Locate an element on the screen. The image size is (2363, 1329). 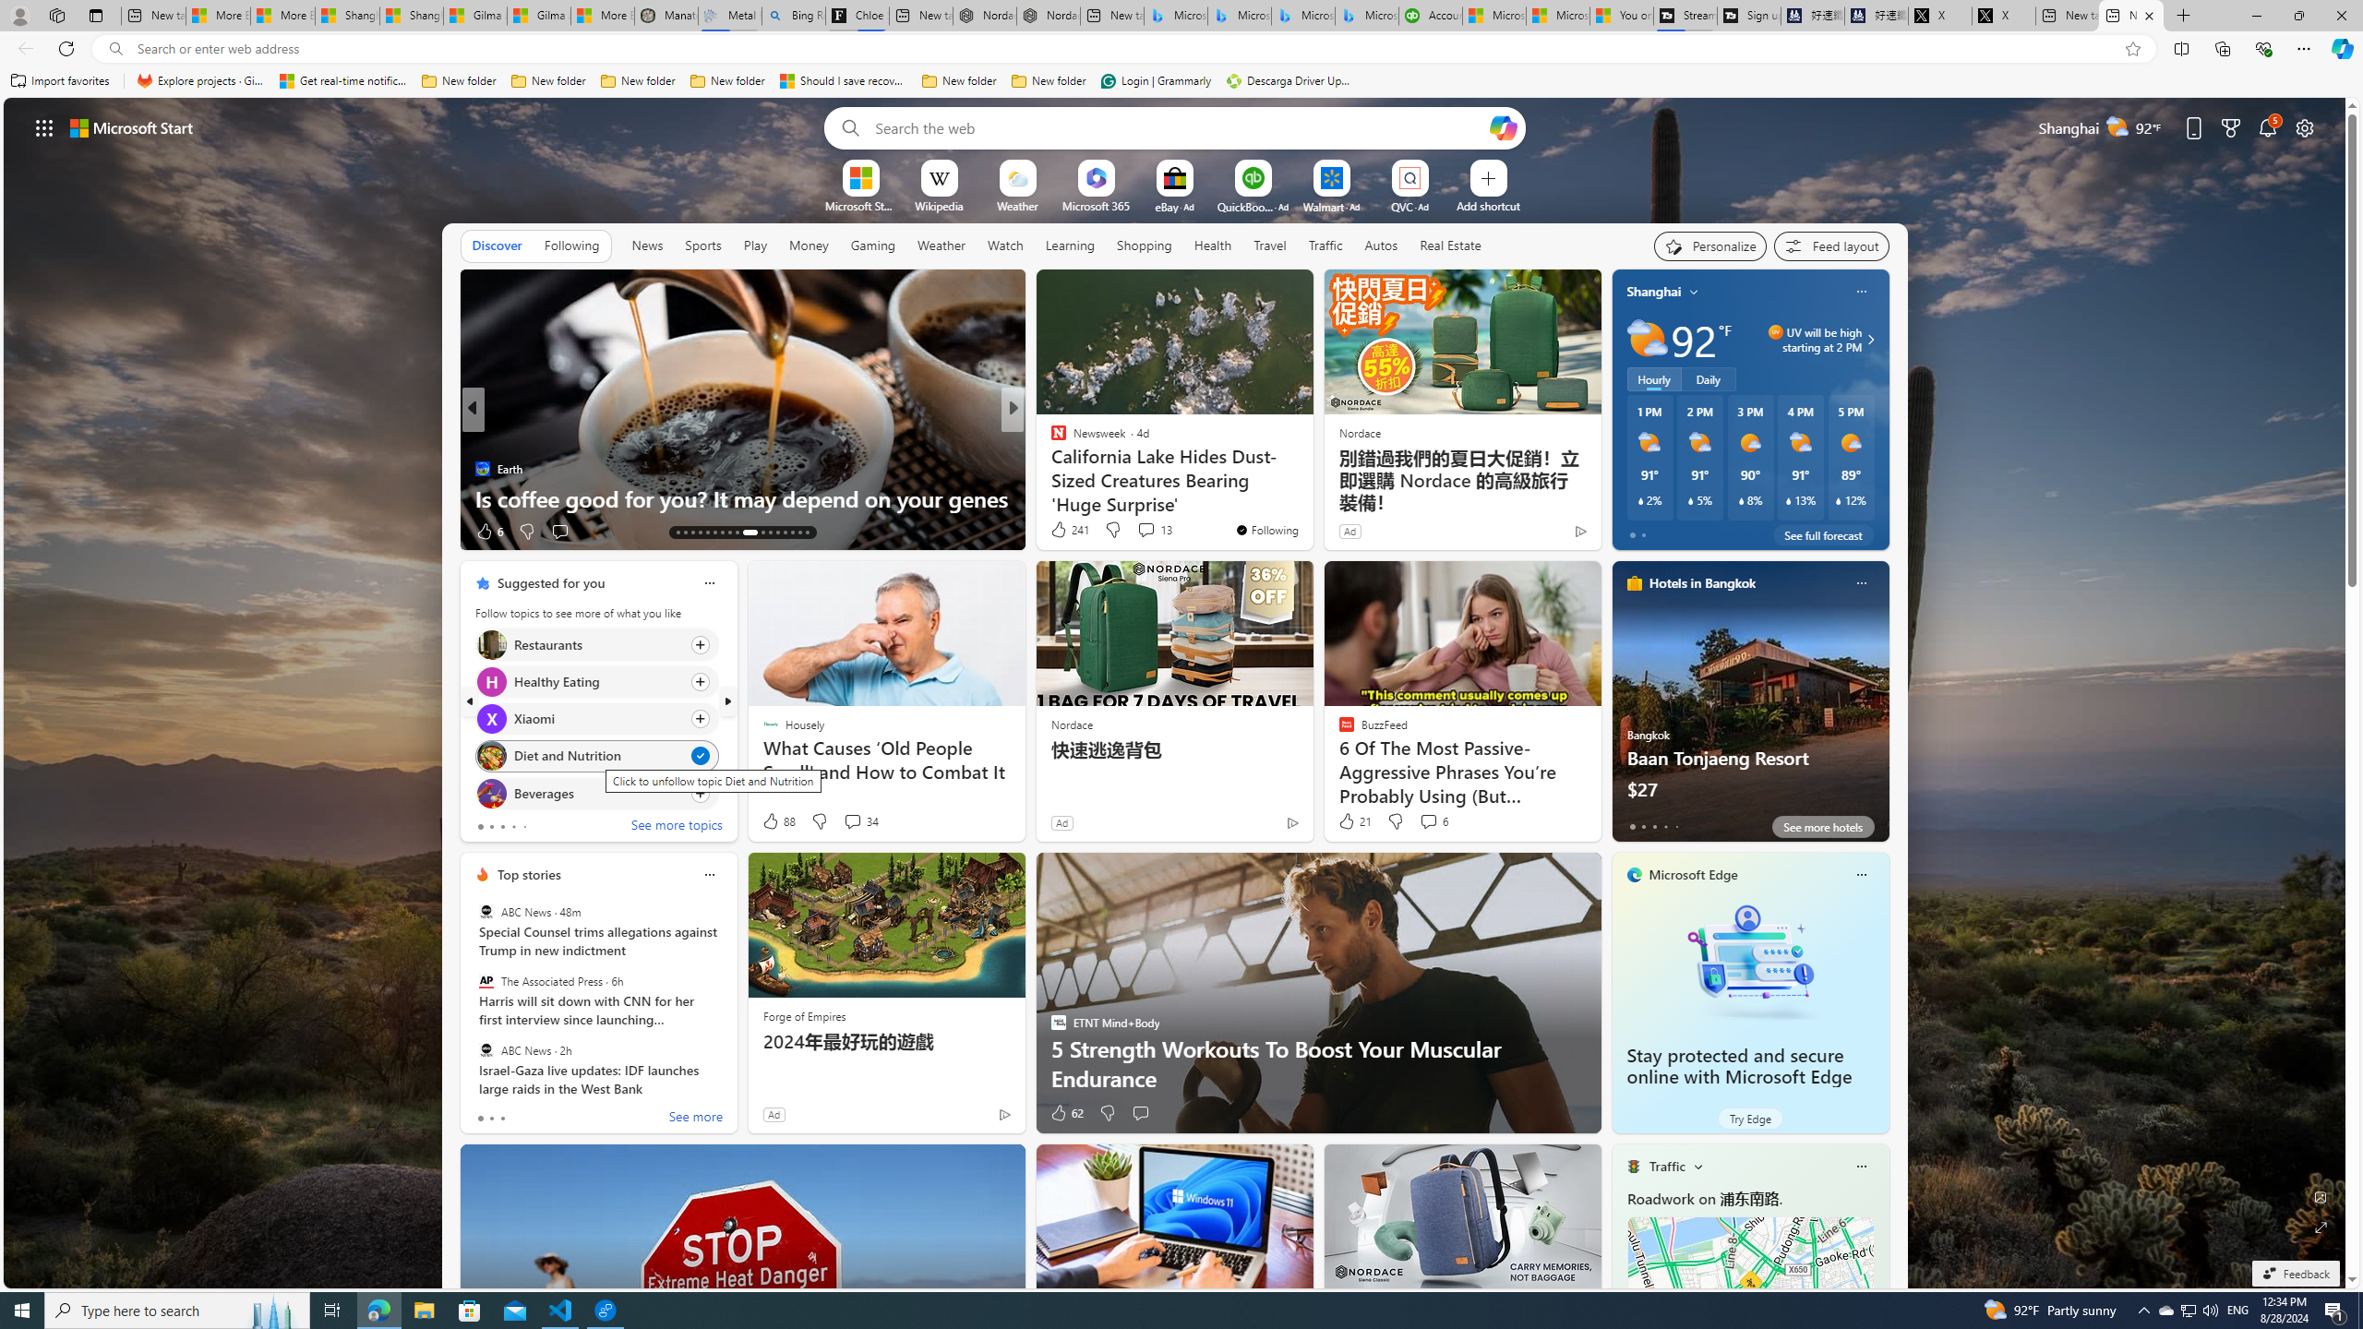
'AutomationID: tab-14' is located at coordinates (684, 533).